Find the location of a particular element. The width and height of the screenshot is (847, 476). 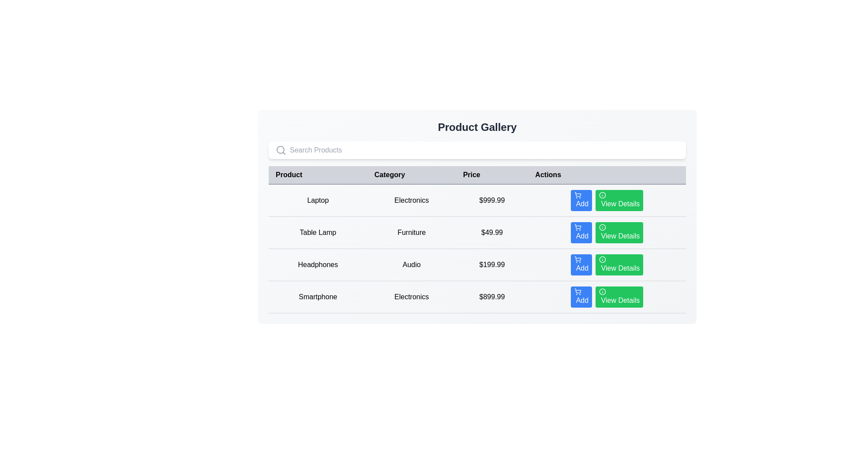

the add-to-cart icon located on the blue 'Add' button in the 'Actions' column of the second row of the product table is located at coordinates (578, 227).